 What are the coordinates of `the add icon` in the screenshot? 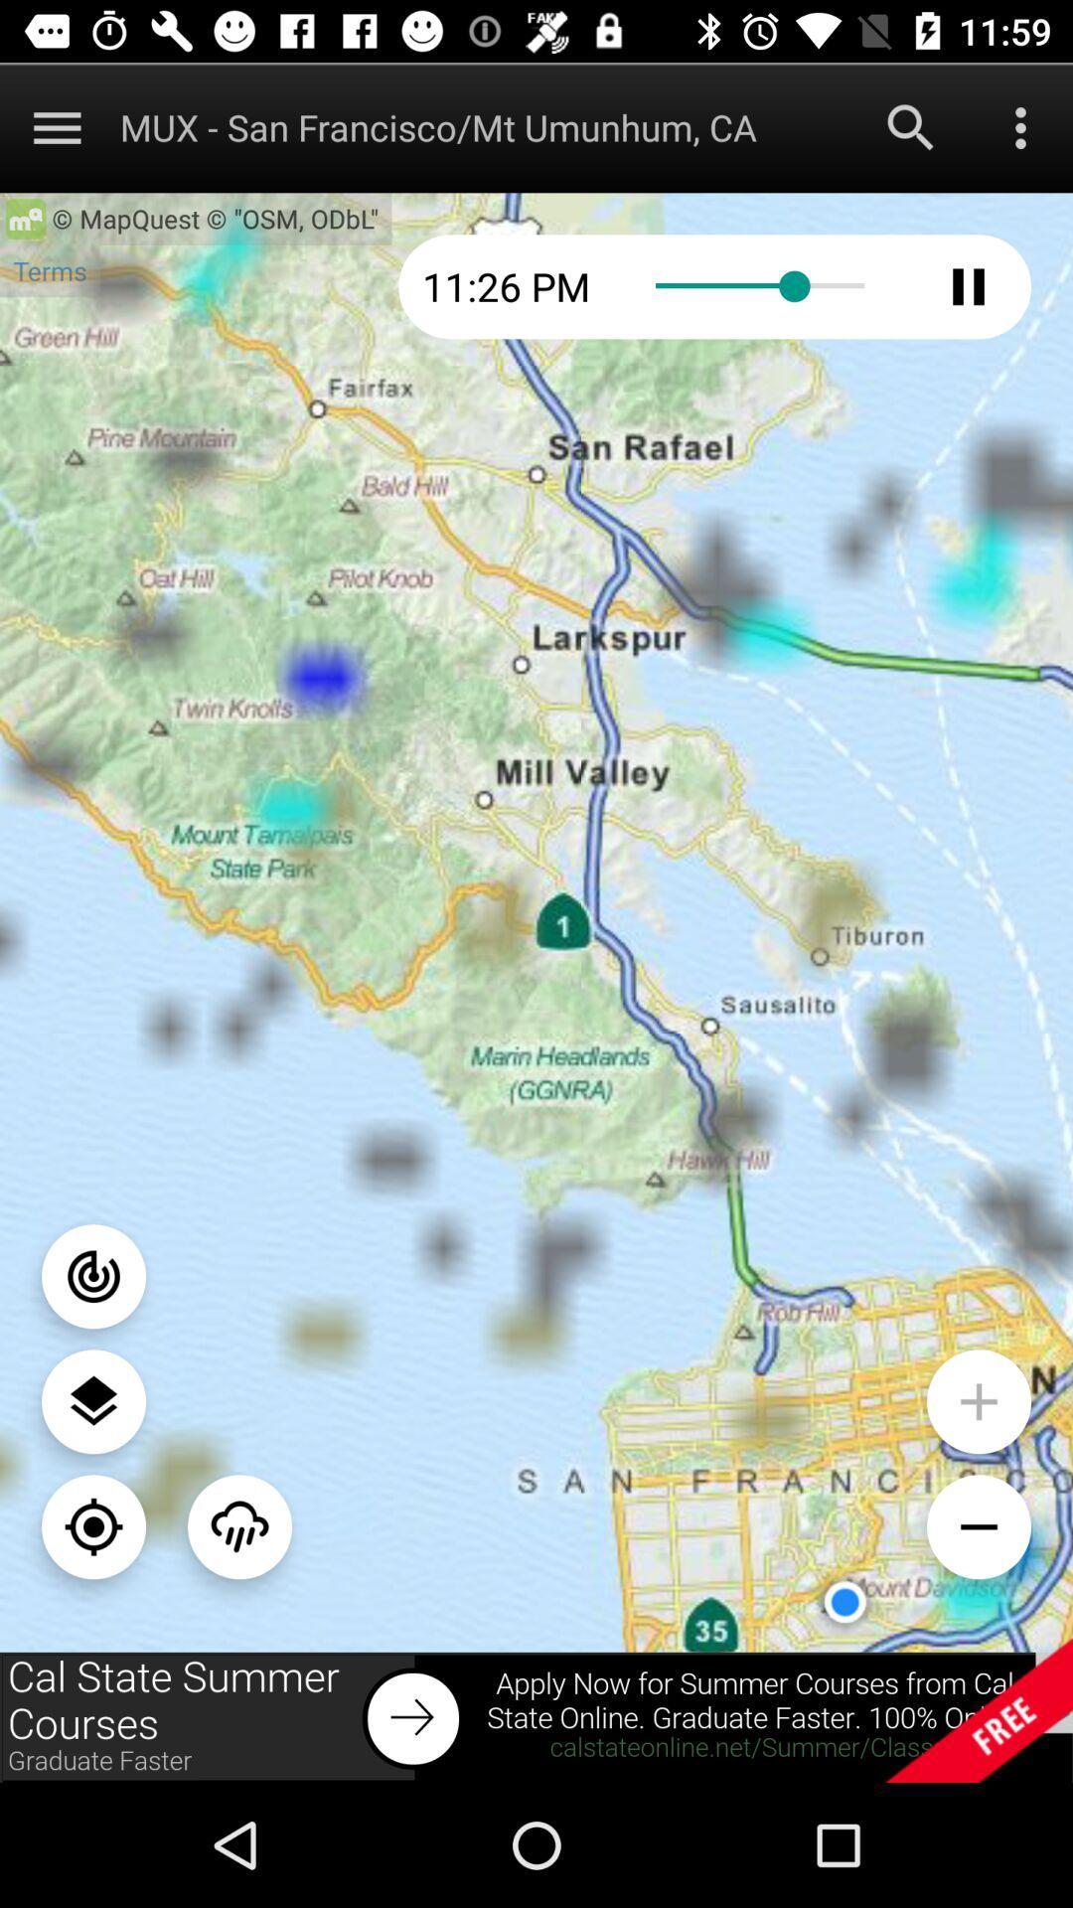 It's located at (978, 1400).